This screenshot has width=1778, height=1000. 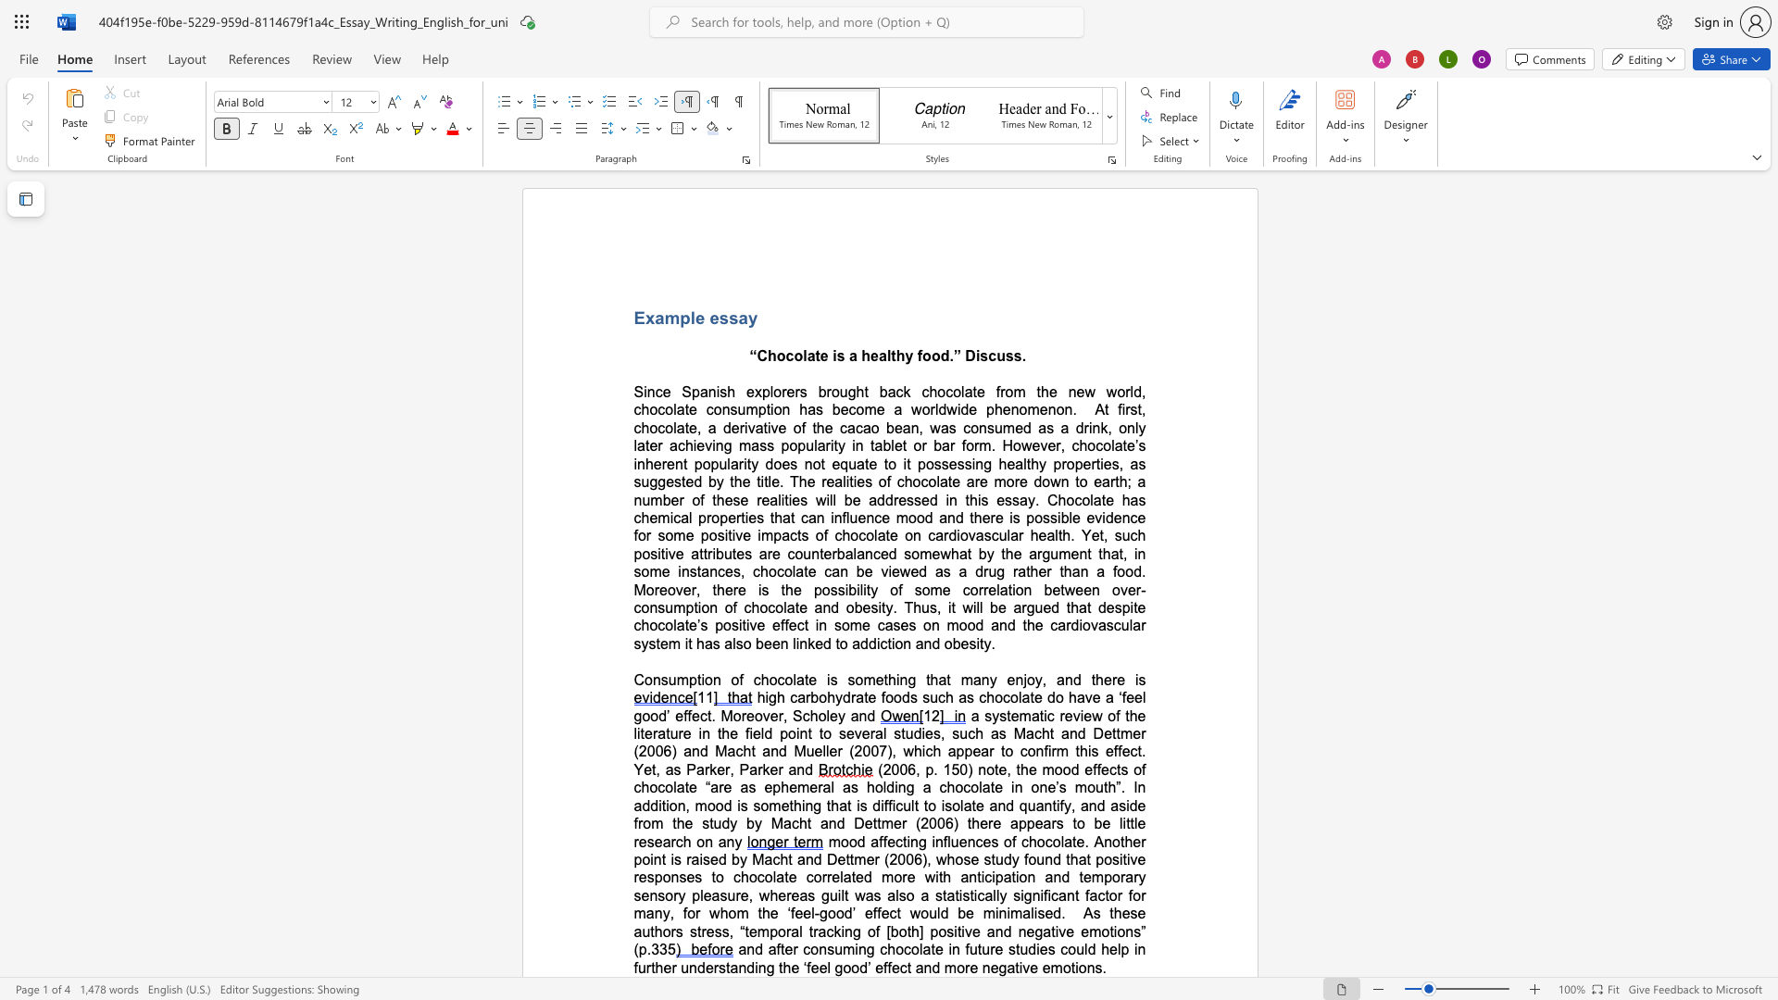 I want to click on the space between the continuous character "h" and "a" in the text, so click(x=938, y=680).